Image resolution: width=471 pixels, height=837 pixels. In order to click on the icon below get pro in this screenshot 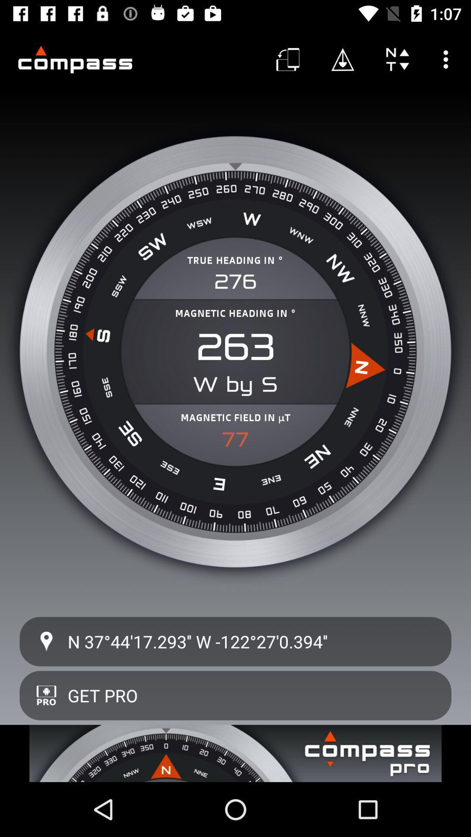, I will do `click(235, 753)`.